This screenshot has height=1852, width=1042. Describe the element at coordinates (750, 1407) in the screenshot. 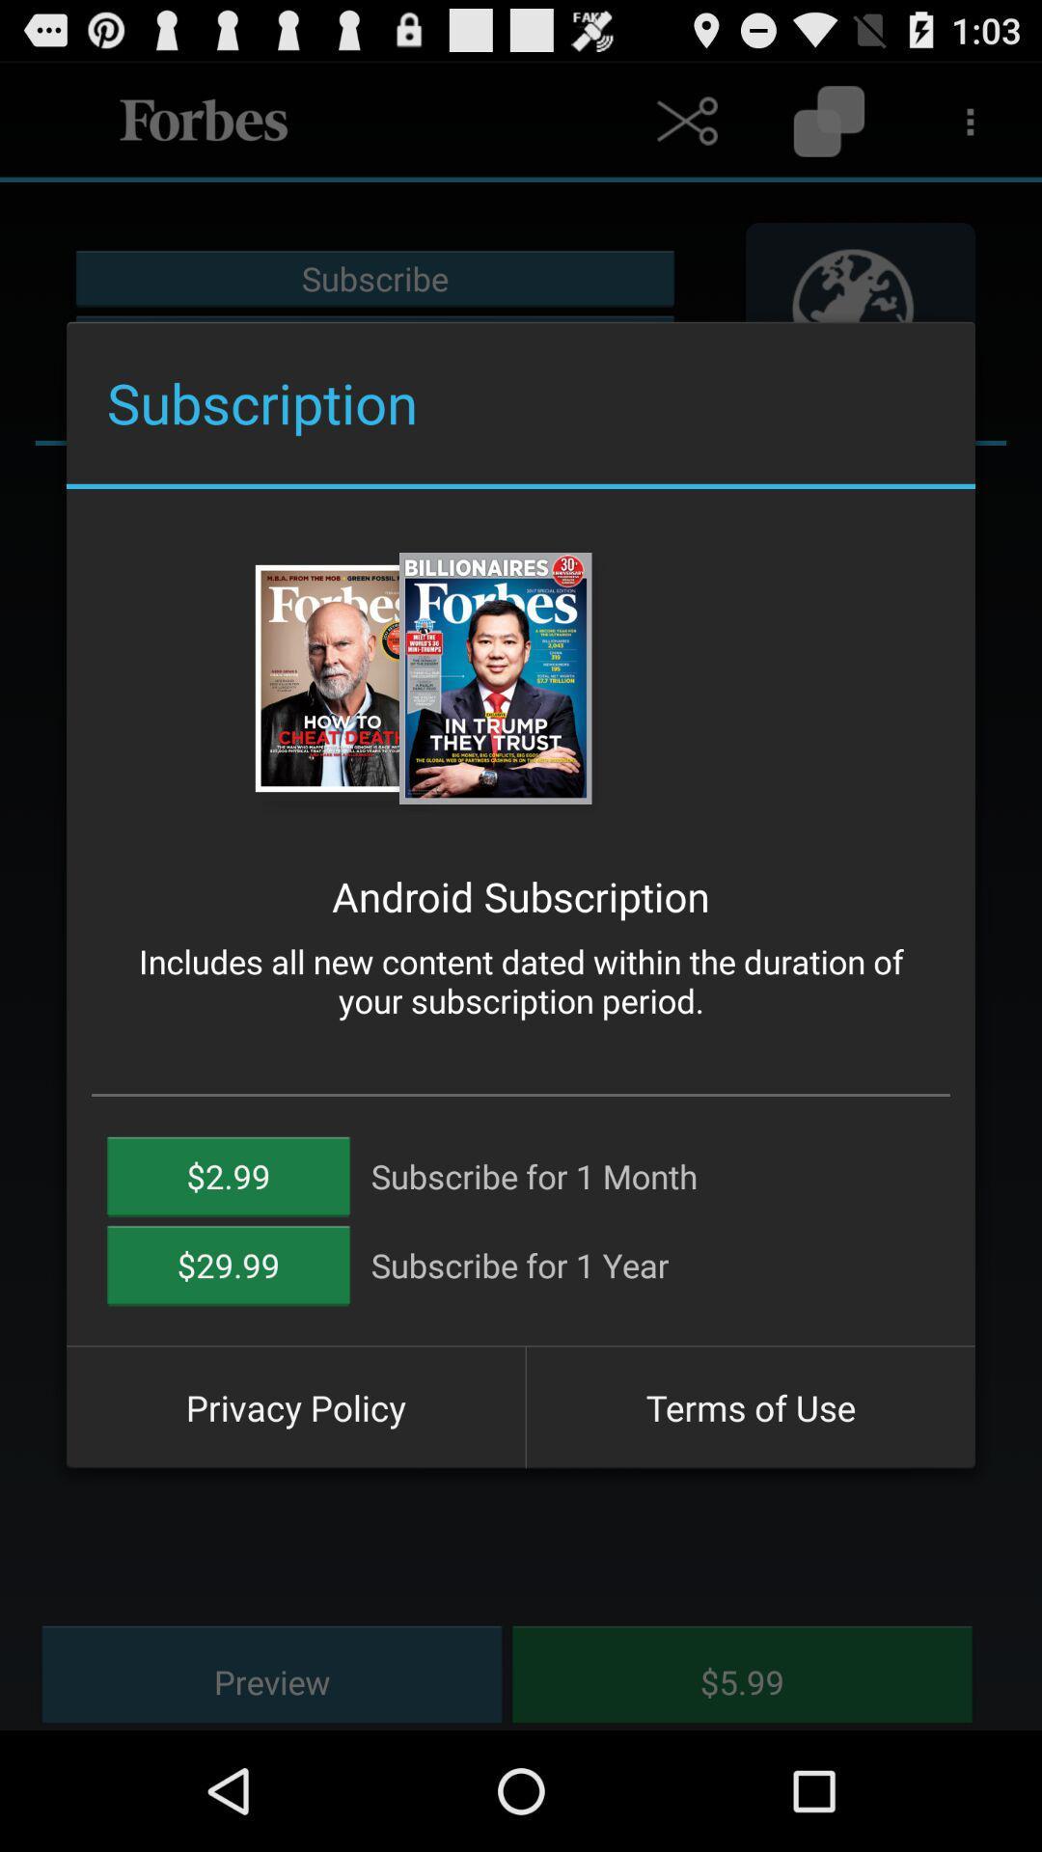

I see `the icon at the bottom right corner` at that location.